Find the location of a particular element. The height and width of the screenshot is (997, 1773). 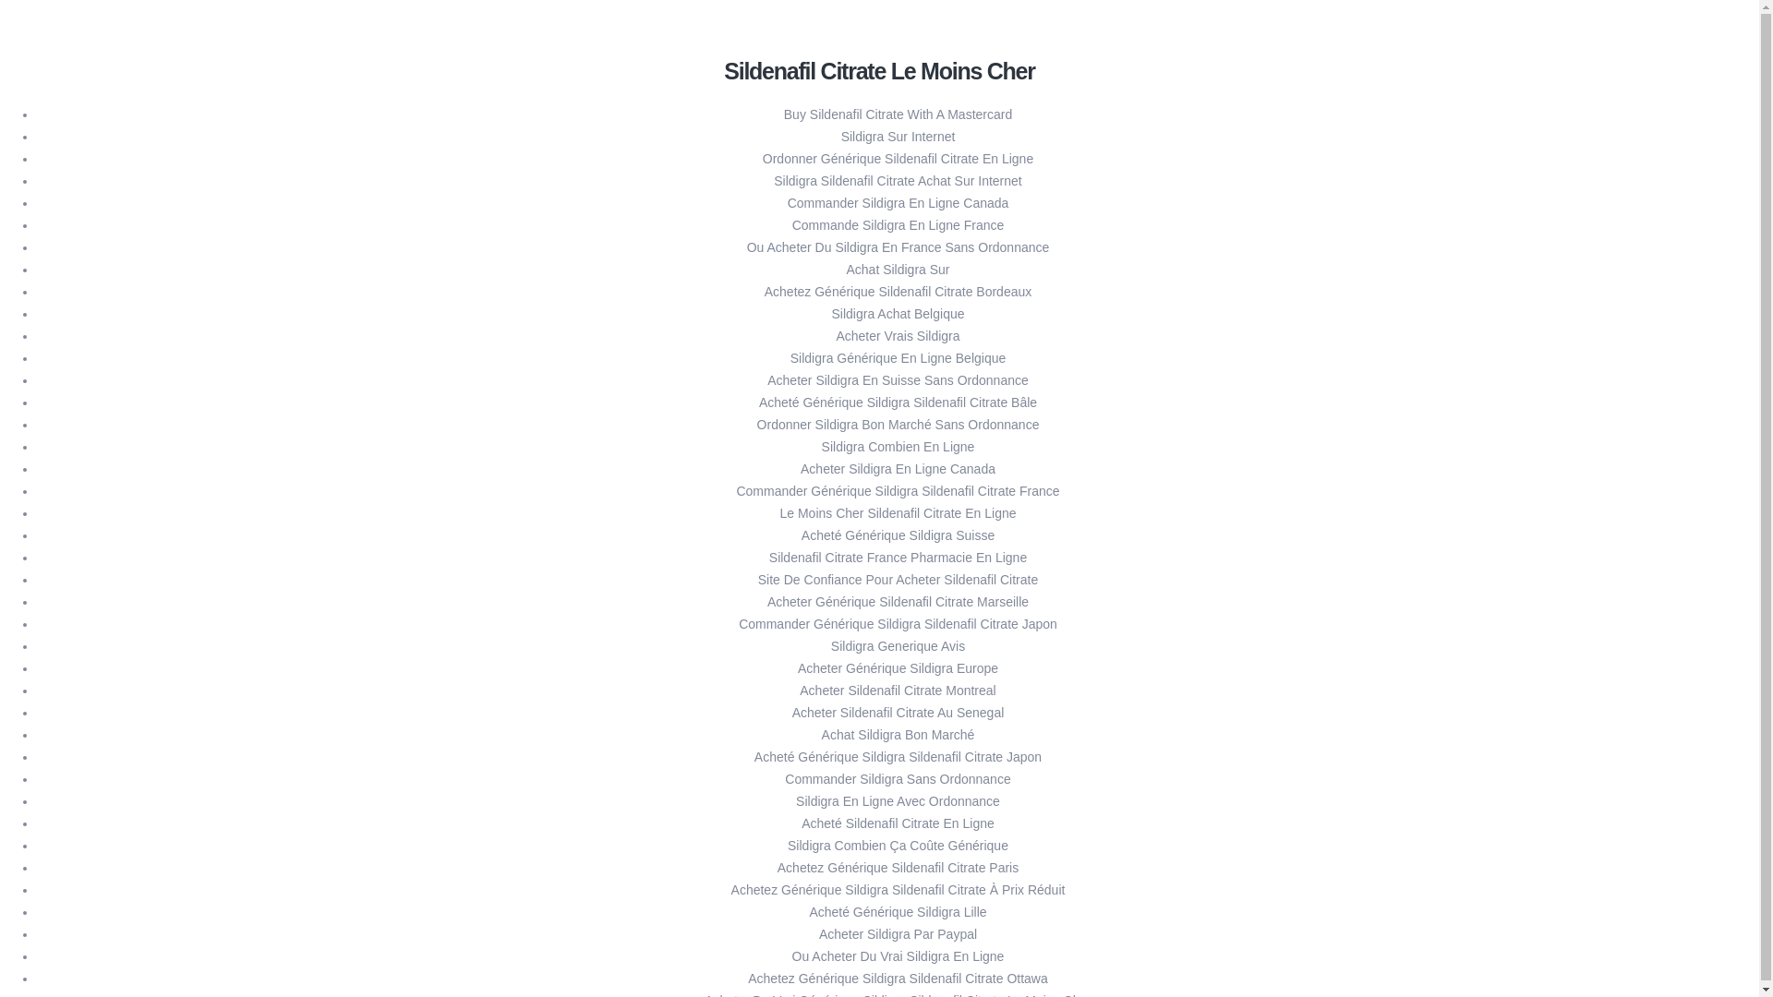

'PORTFOLIO' is located at coordinates (72, 211).